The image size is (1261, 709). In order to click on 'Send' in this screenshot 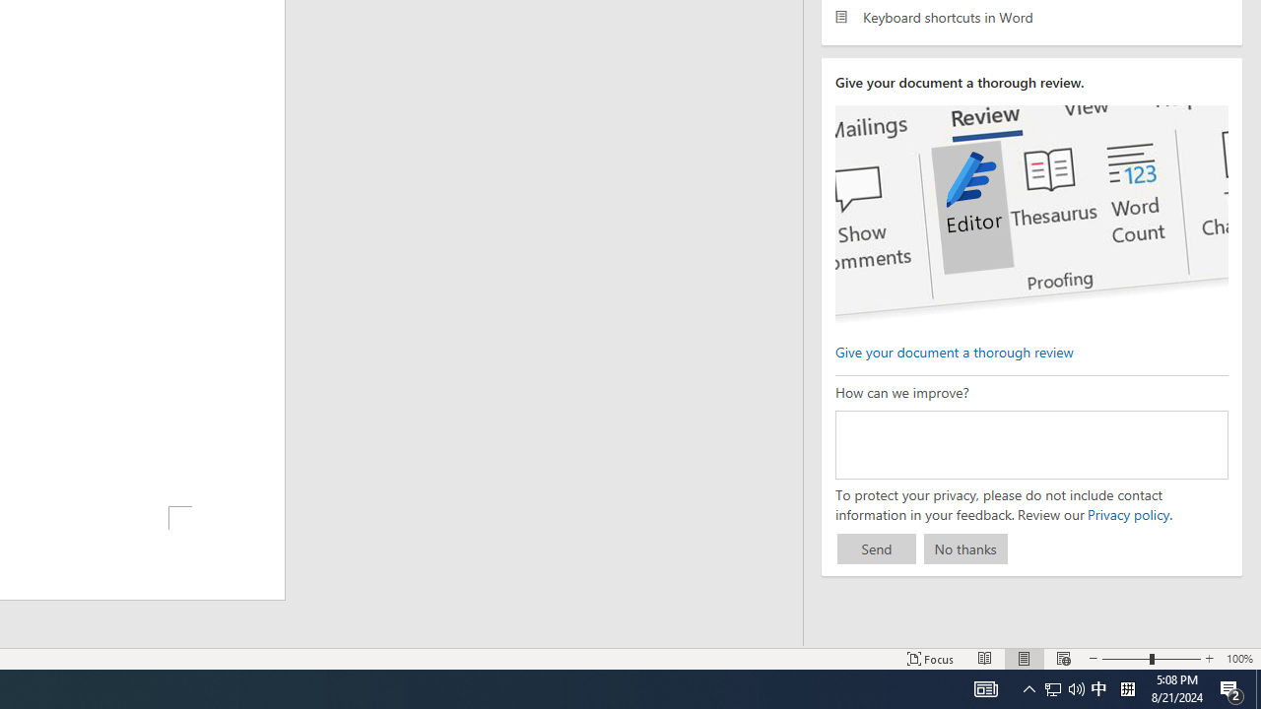, I will do `click(876, 548)`.